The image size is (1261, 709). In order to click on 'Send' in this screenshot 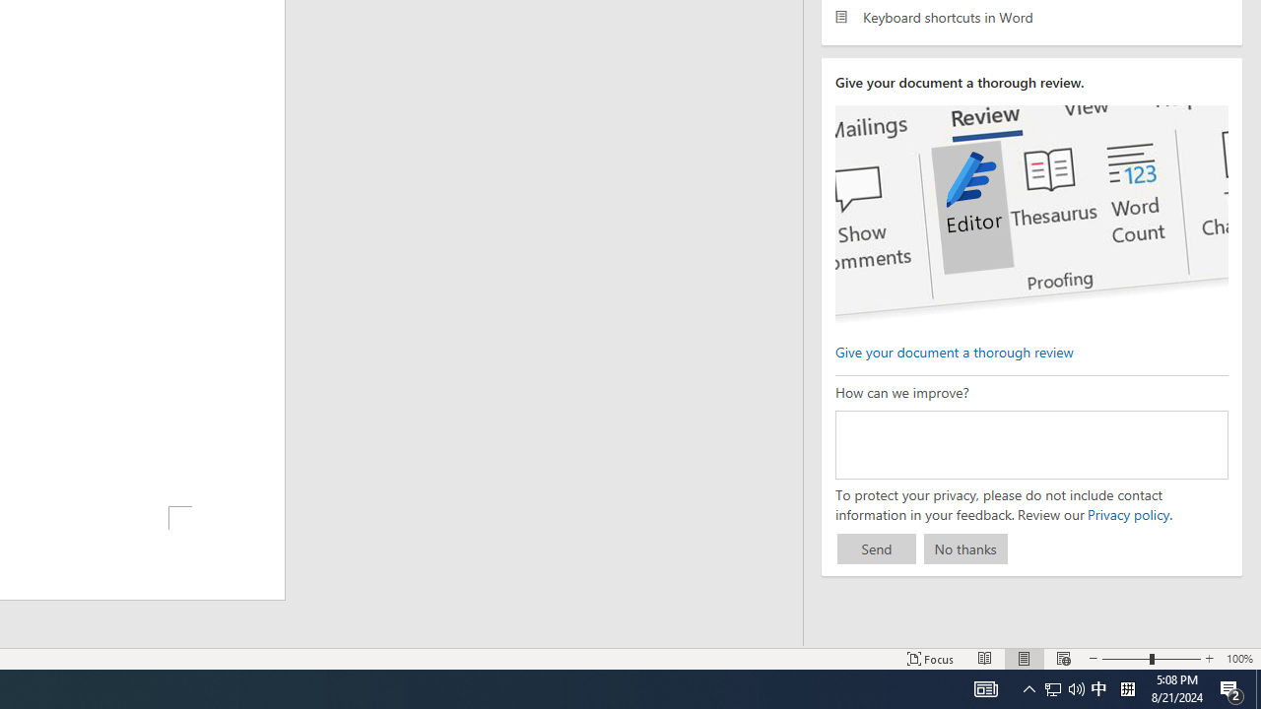, I will do `click(876, 548)`.